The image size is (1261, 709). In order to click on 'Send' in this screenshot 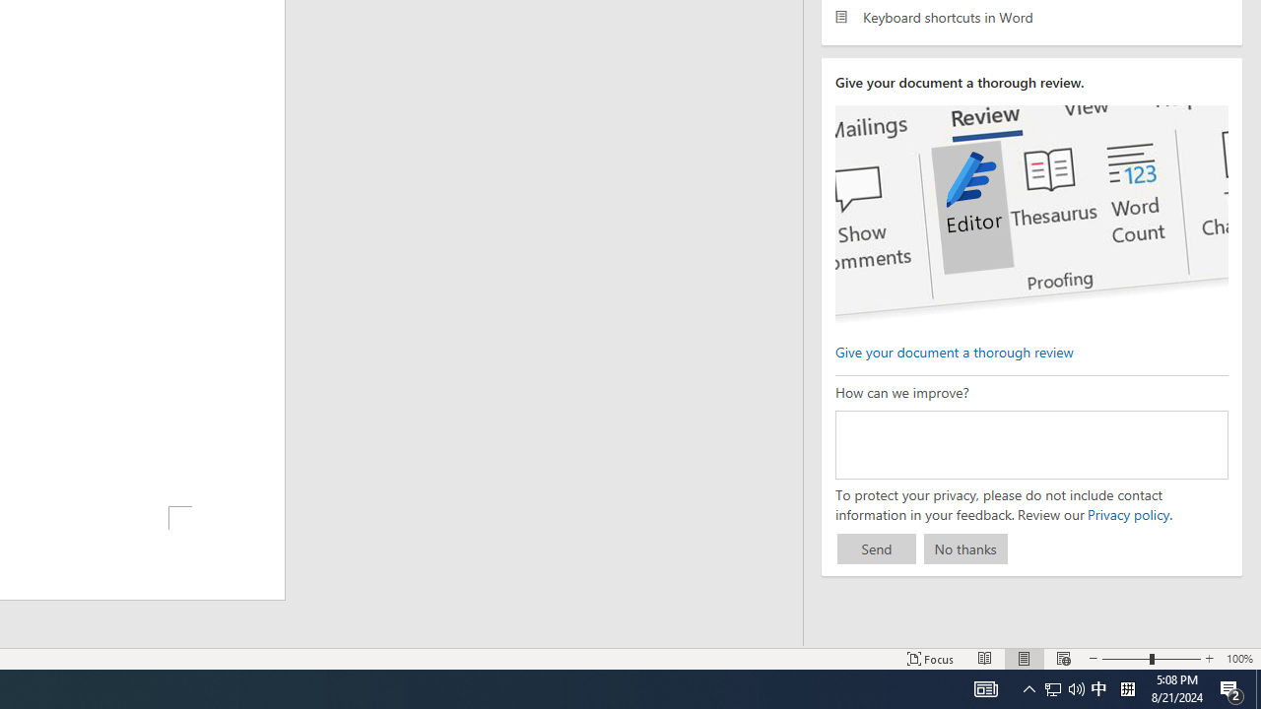, I will do `click(876, 548)`.